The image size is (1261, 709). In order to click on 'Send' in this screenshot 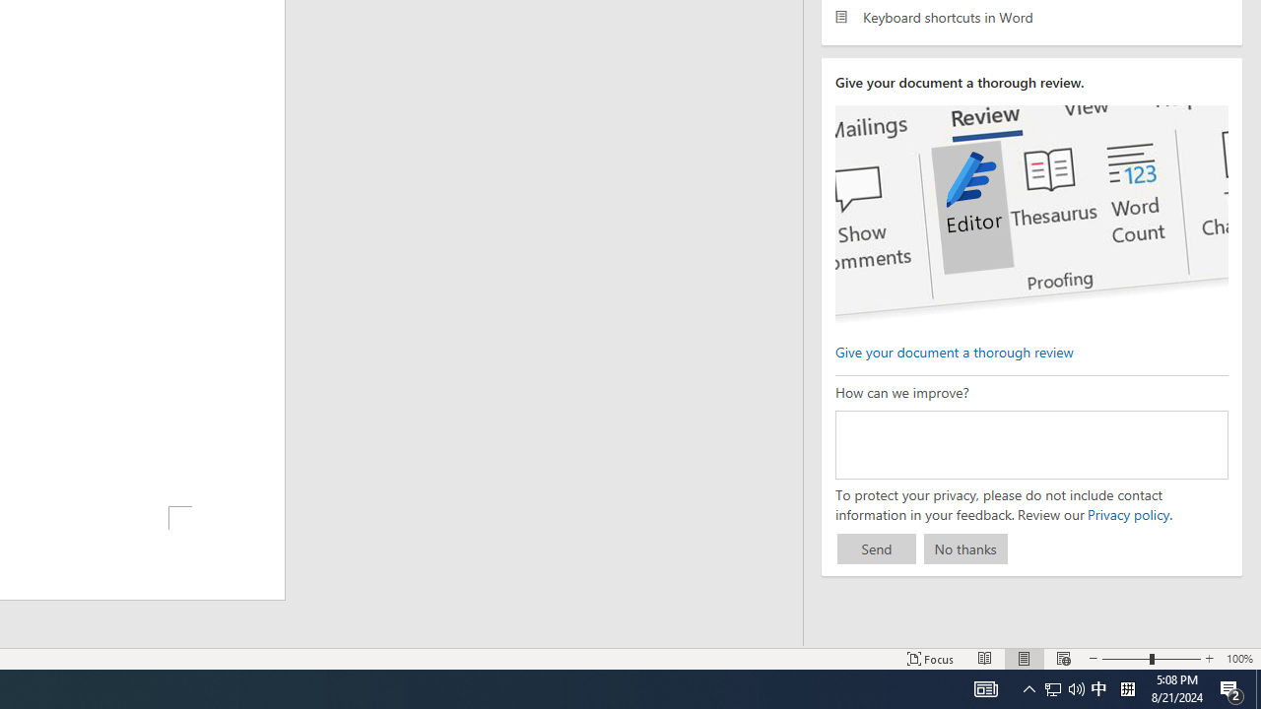, I will do `click(876, 548)`.